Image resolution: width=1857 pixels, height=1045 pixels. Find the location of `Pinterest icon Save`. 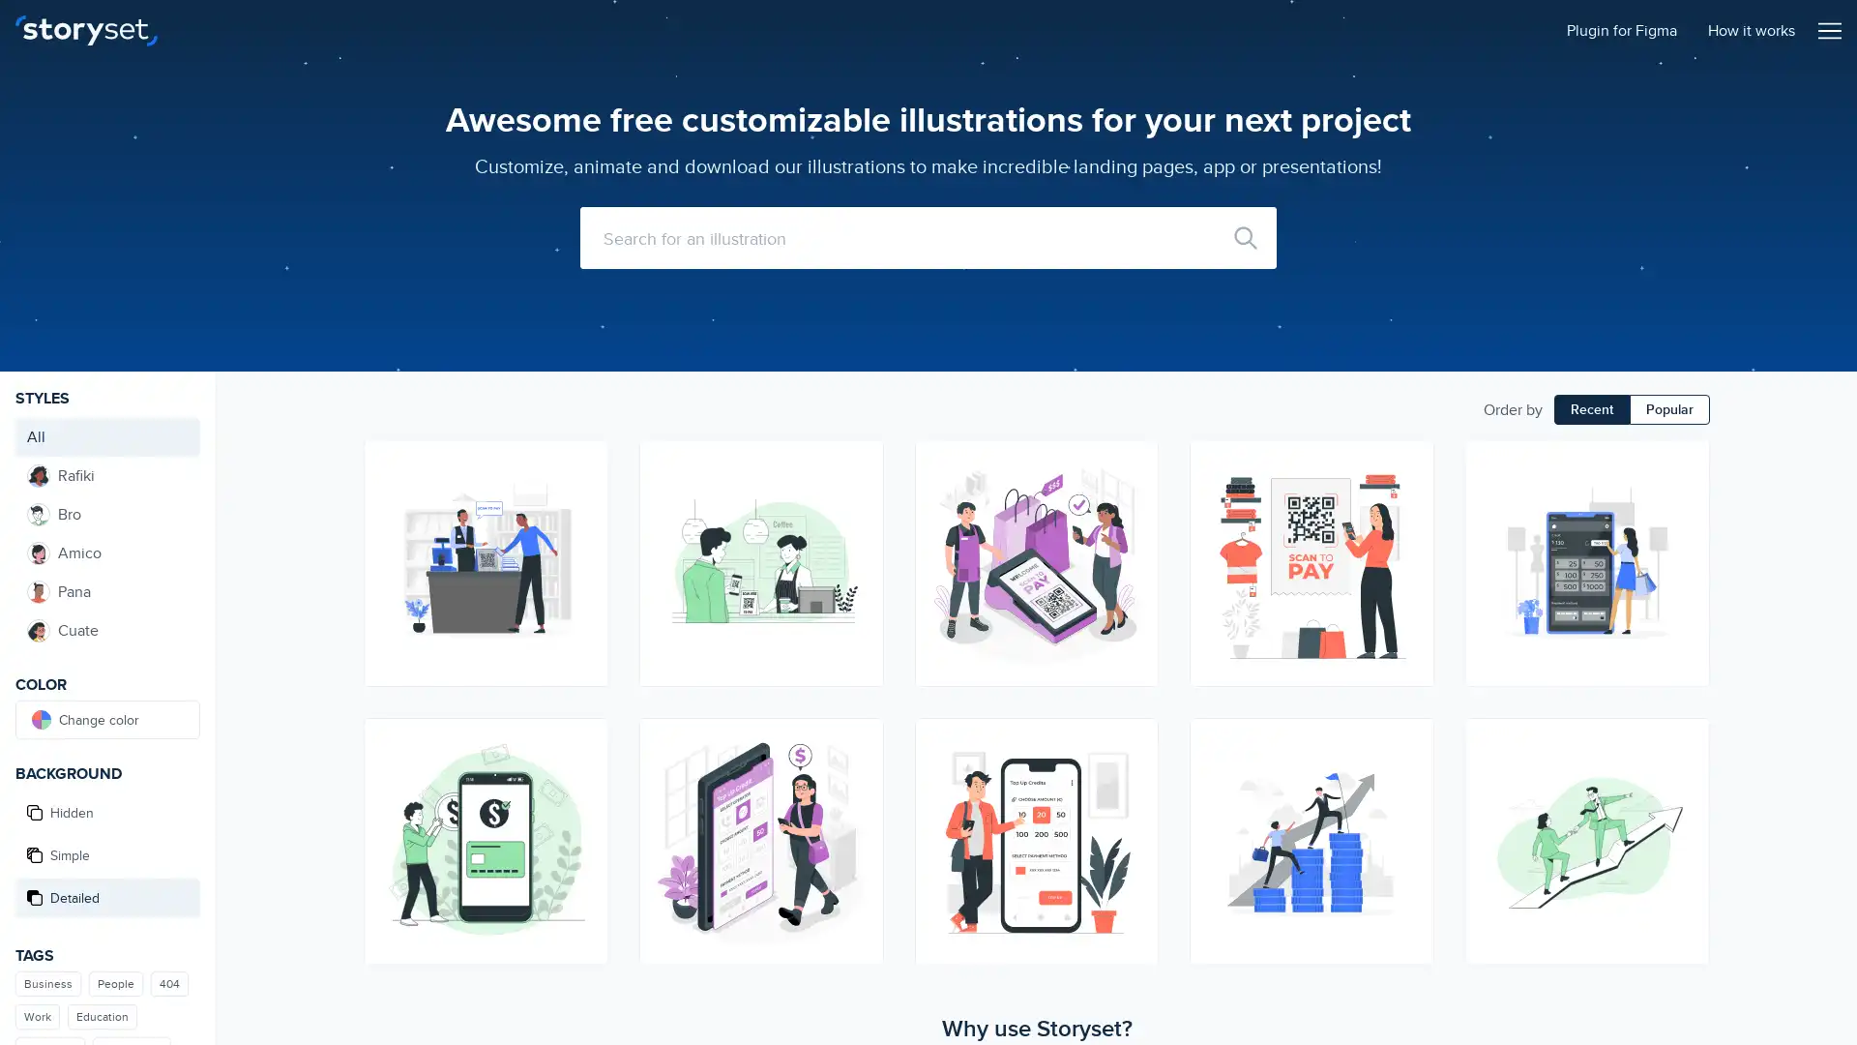

Pinterest icon Save is located at coordinates (582, 810).